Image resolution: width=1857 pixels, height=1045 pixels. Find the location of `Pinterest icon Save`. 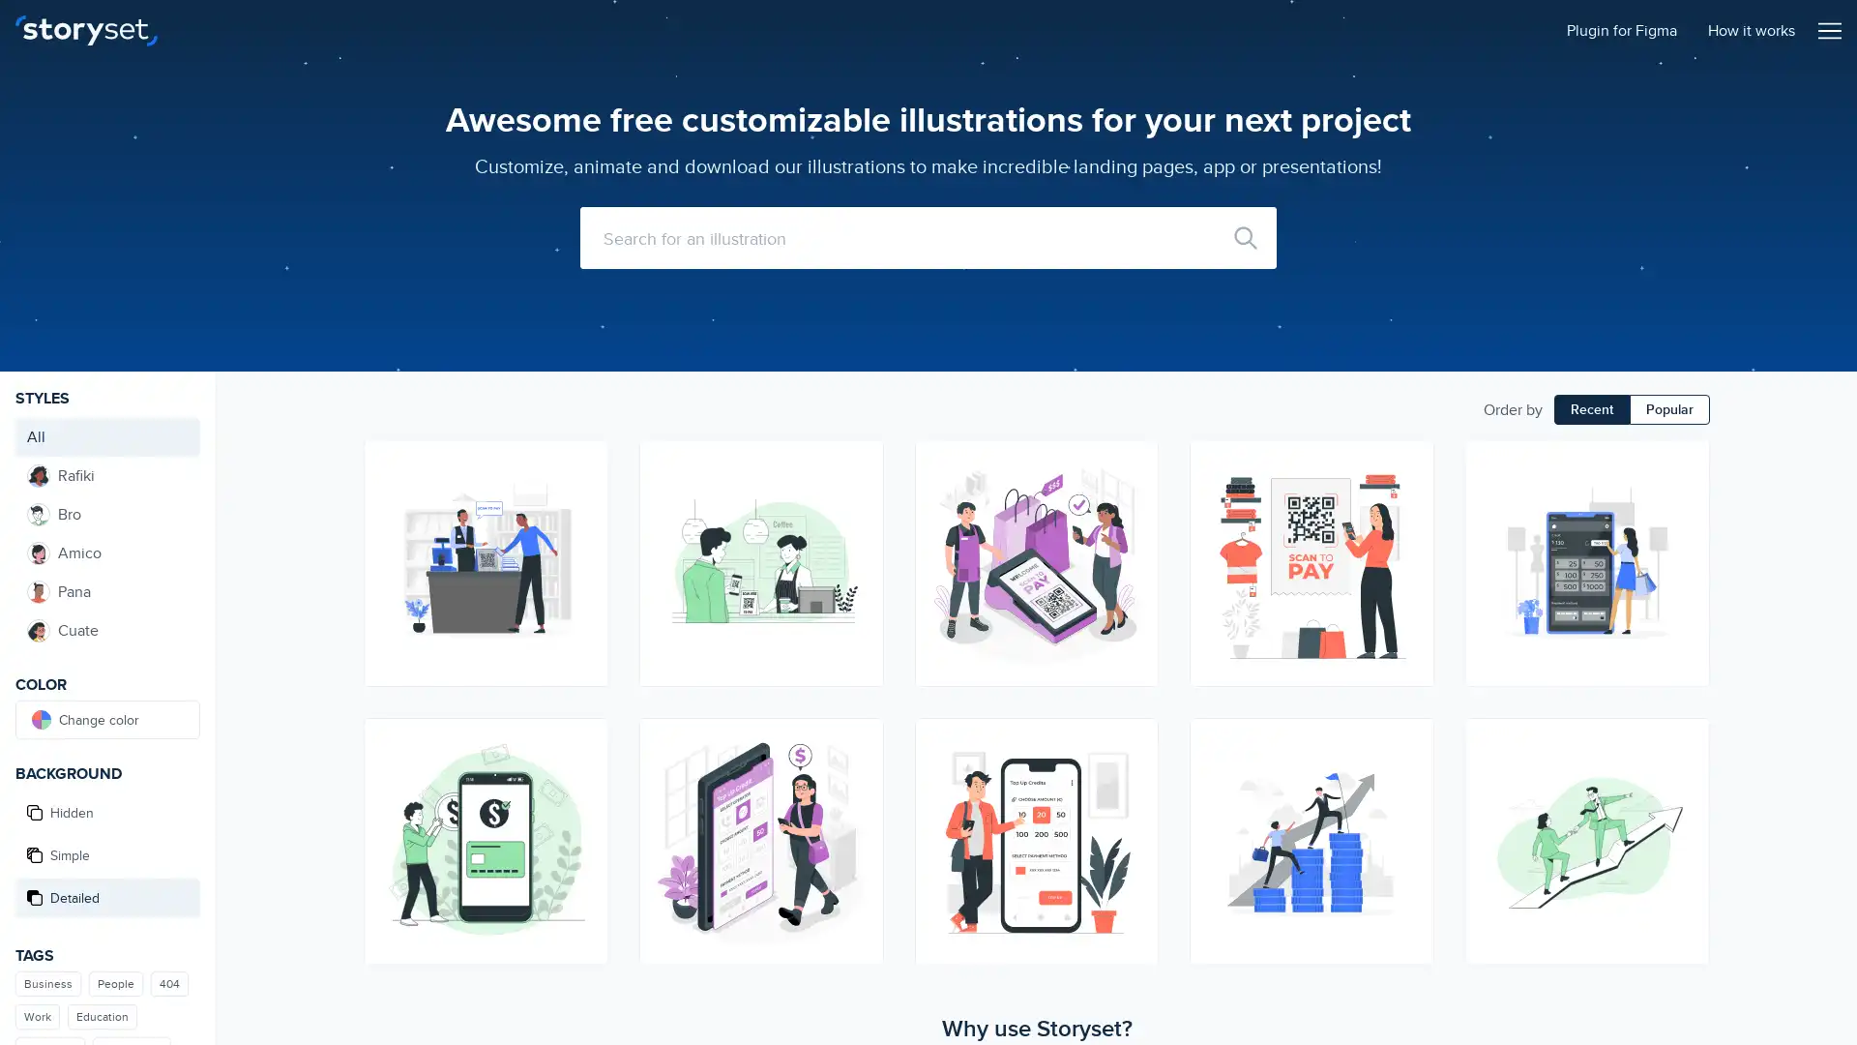

Pinterest icon Save is located at coordinates (582, 810).